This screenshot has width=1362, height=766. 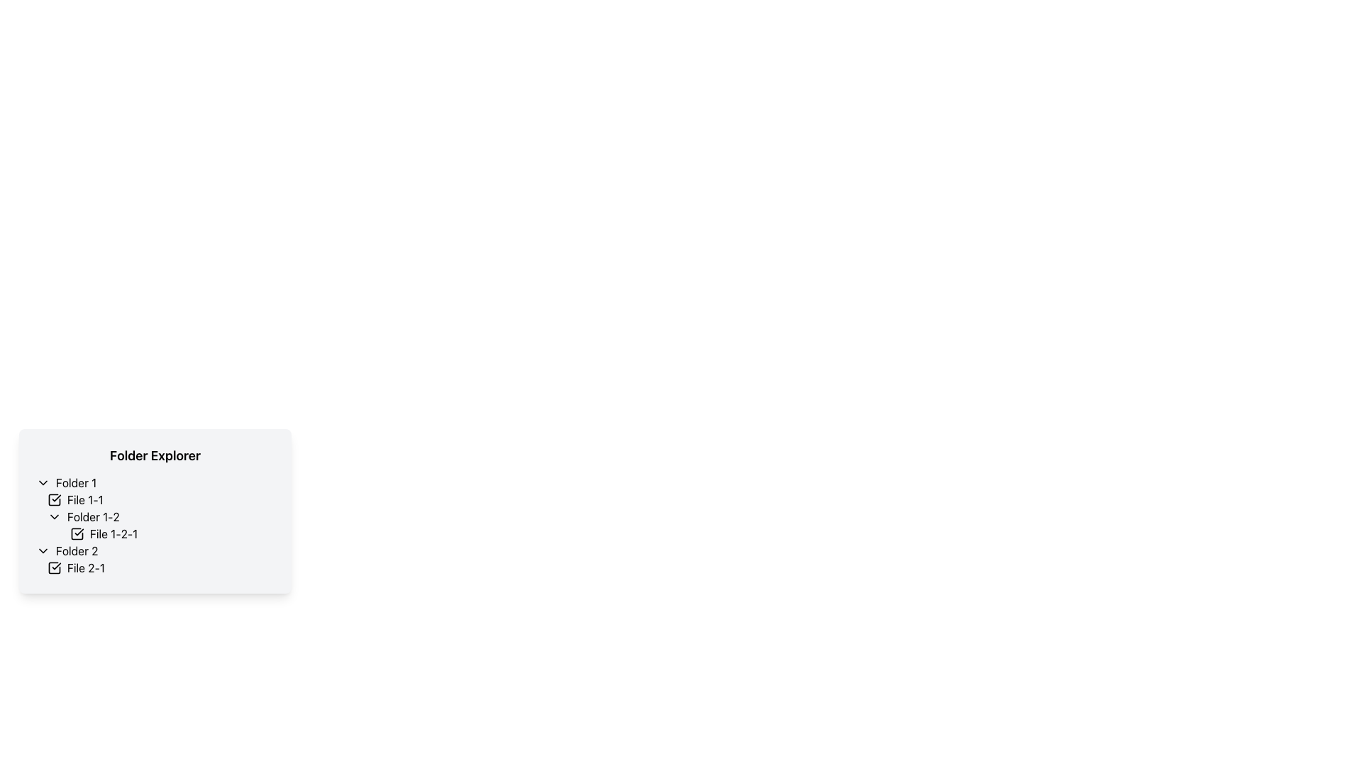 What do you see at coordinates (155, 456) in the screenshot?
I see `the content of the Text label that serves as the title of the folder explorer section, located at the top of the gray background box above the list of folders and files` at bounding box center [155, 456].